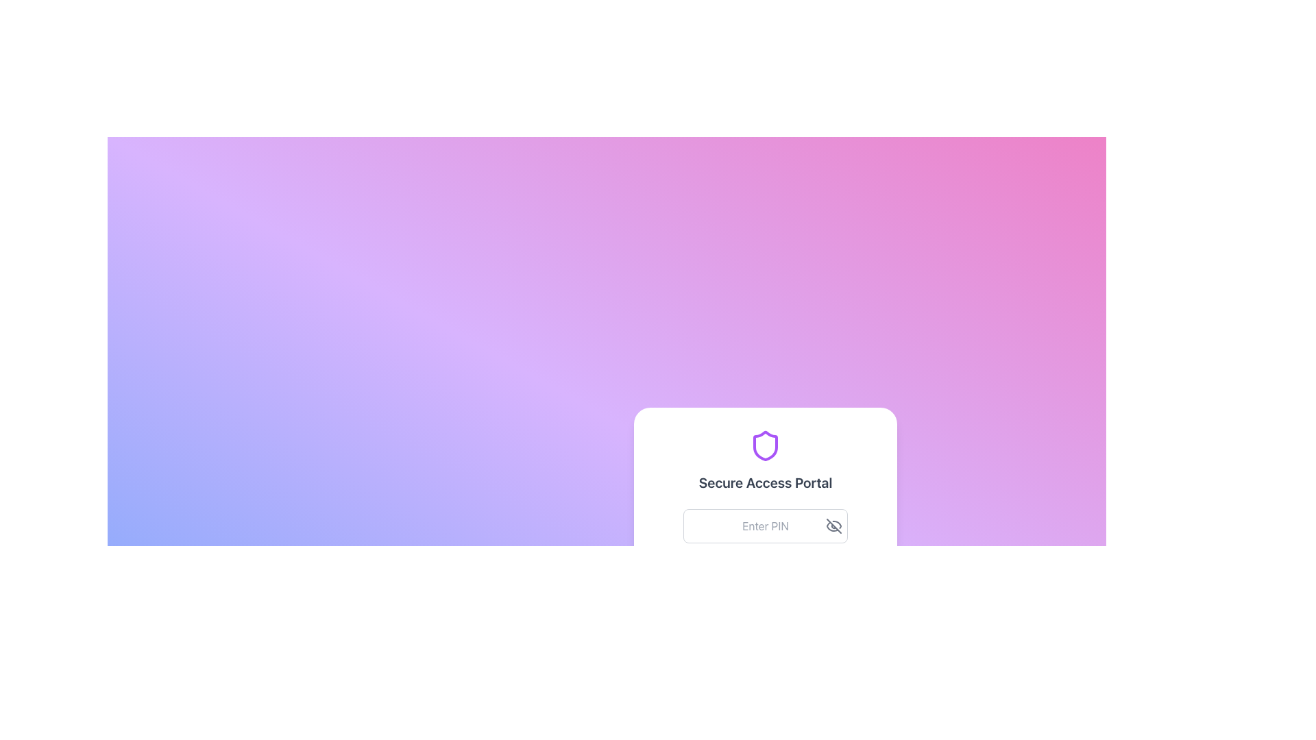  Describe the element at coordinates (833, 525) in the screenshot. I see `the visibility toggle button for the PIN field, which shows or hides the entered PIN when clicked` at that location.